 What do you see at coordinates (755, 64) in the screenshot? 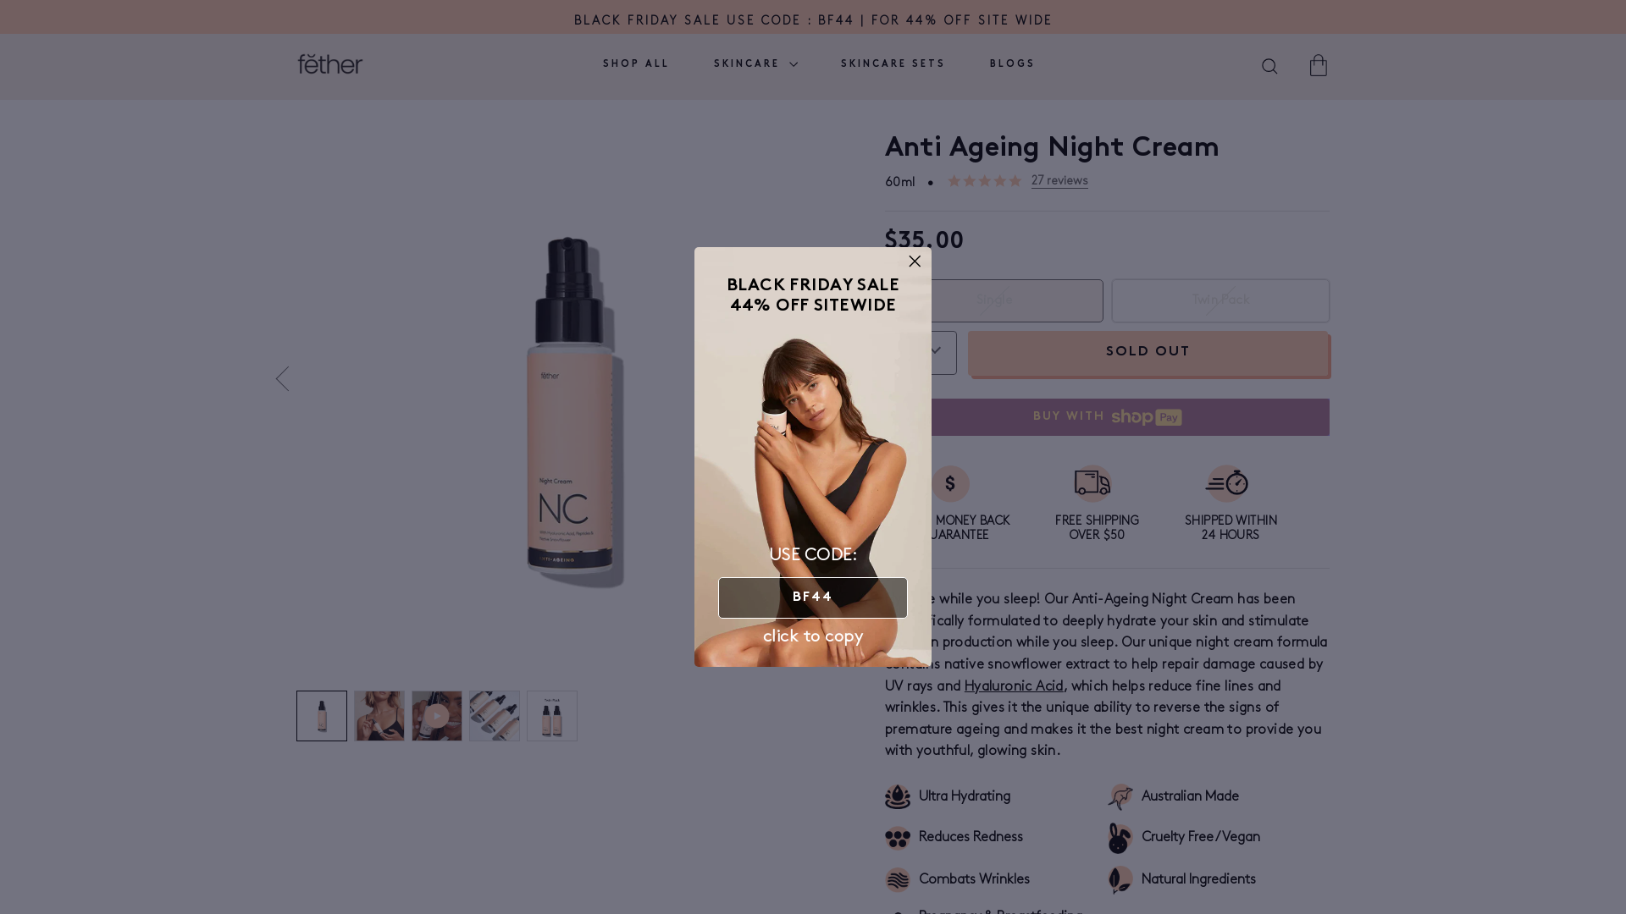
I see `'SKINCARE'` at bounding box center [755, 64].